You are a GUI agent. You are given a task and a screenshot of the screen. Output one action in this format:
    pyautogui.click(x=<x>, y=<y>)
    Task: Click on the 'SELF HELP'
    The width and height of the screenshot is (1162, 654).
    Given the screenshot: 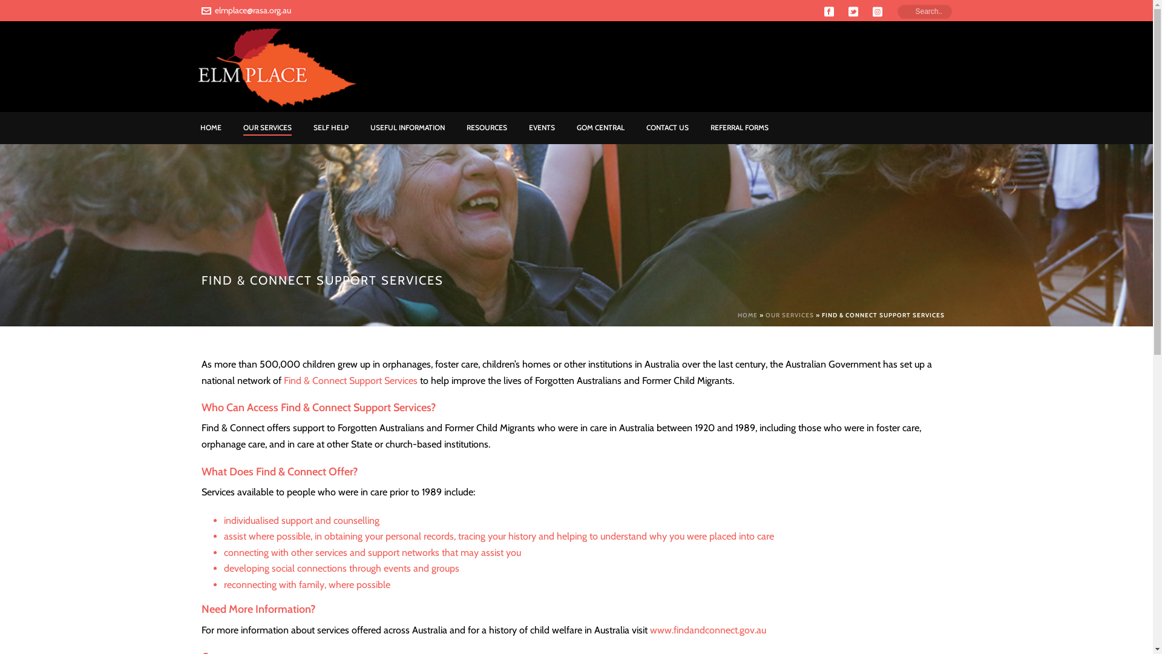 What is the action you would take?
    pyautogui.click(x=331, y=128)
    